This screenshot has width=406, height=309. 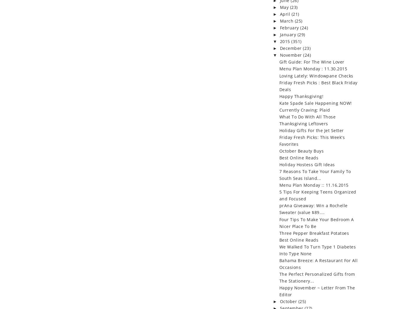 What do you see at coordinates (316, 223) in the screenshot?
I see `'Four Tips To Make Your Bedroom A Nicer Place To Be'` at bounding box center [316, 223].